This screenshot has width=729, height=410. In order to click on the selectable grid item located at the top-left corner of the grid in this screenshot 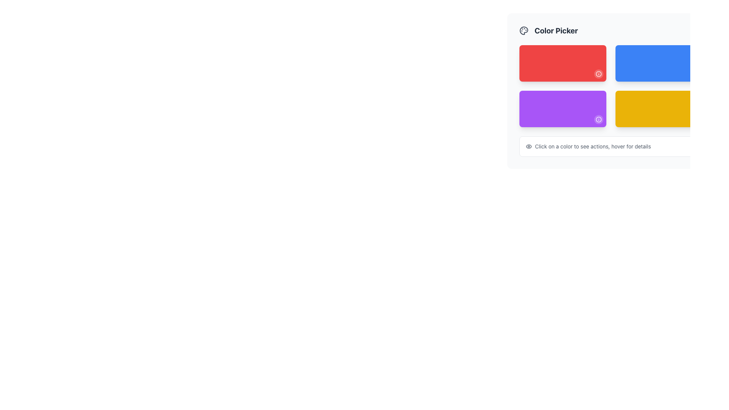, I will do `click(563, 63)`.